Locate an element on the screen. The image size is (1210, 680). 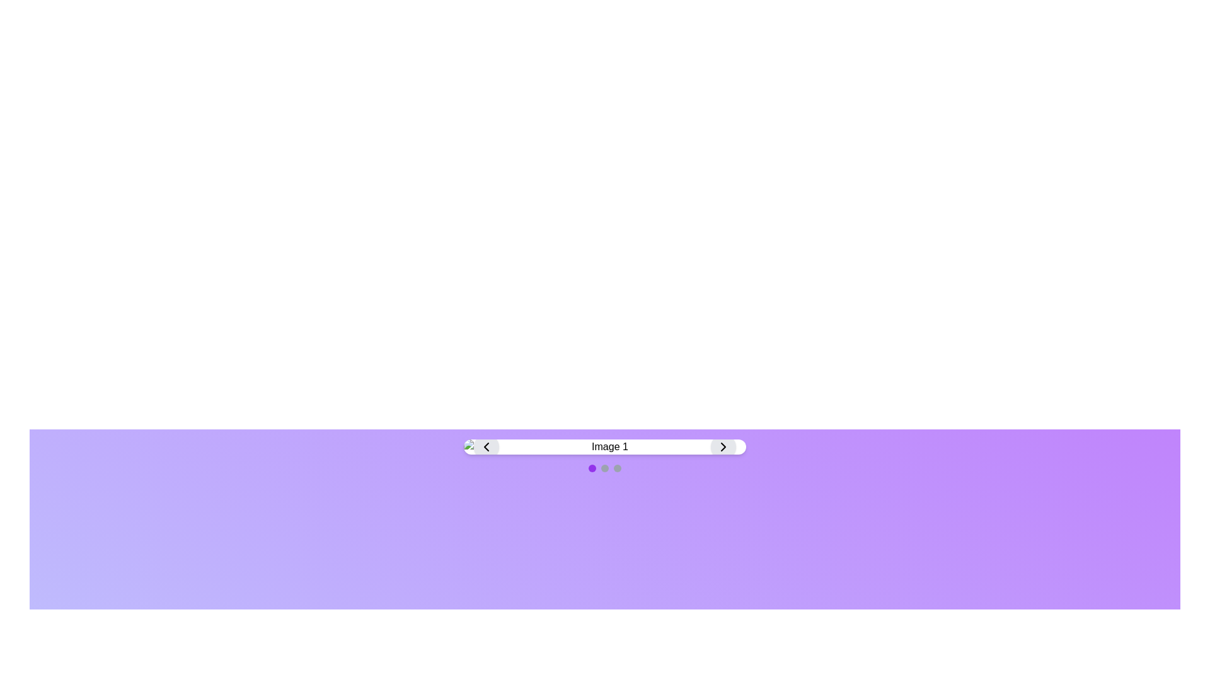
the circular button with a leftward-pointing chevron icon for accessibility navigation is located at coordinates (486, 446).